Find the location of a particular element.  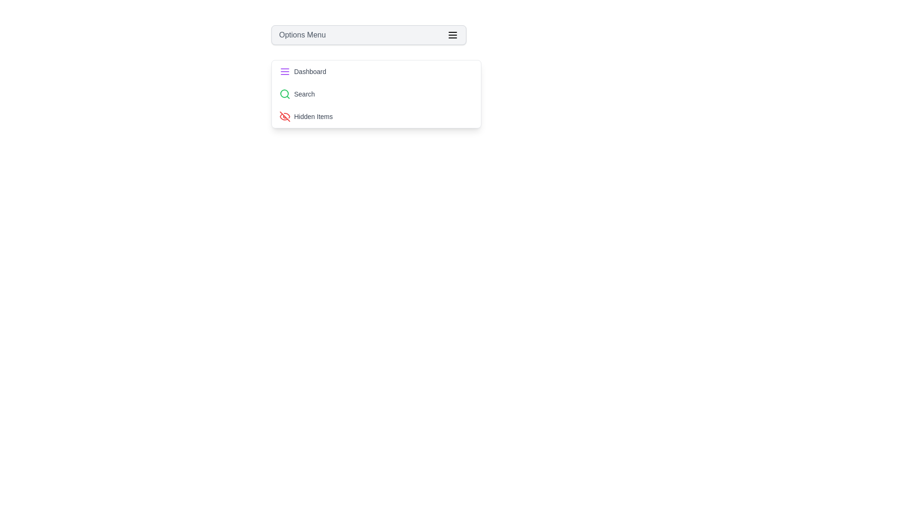

the text label displaying 'Hidden Items', which is styled in gray and located within the dropdown menu beneath the 'Options Menu' title is located at coordinates (313, 116).